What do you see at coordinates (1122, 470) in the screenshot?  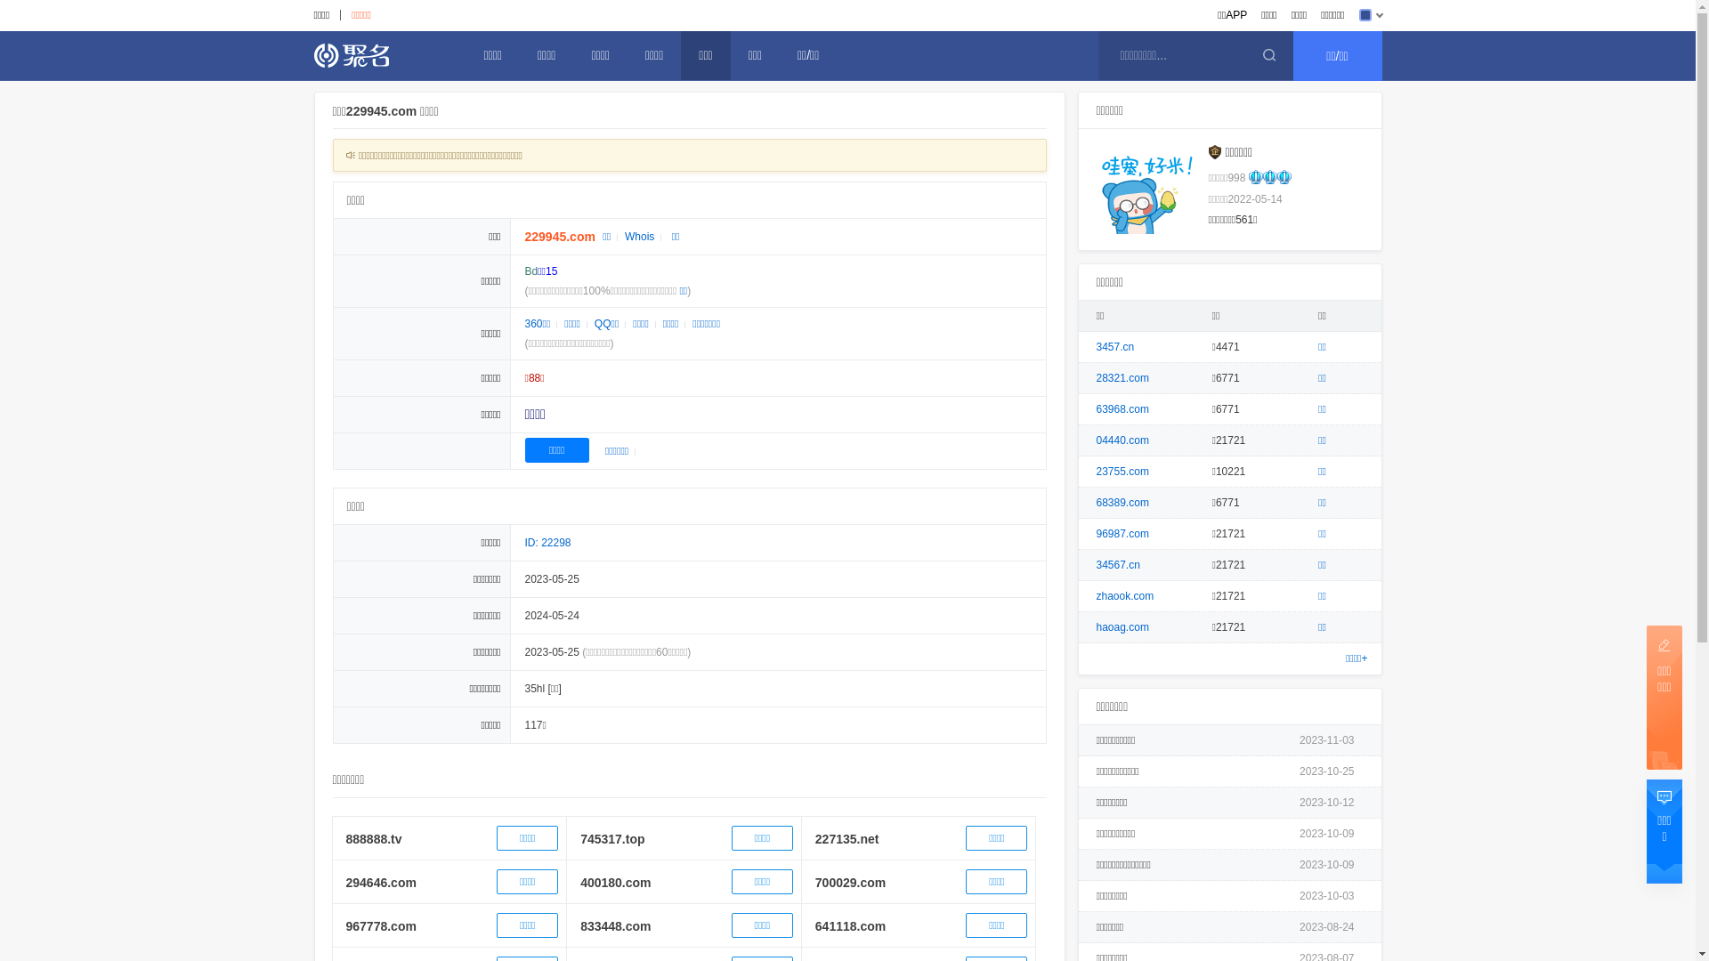 I see `'23755.com'` at bounding box center [1122, 470].